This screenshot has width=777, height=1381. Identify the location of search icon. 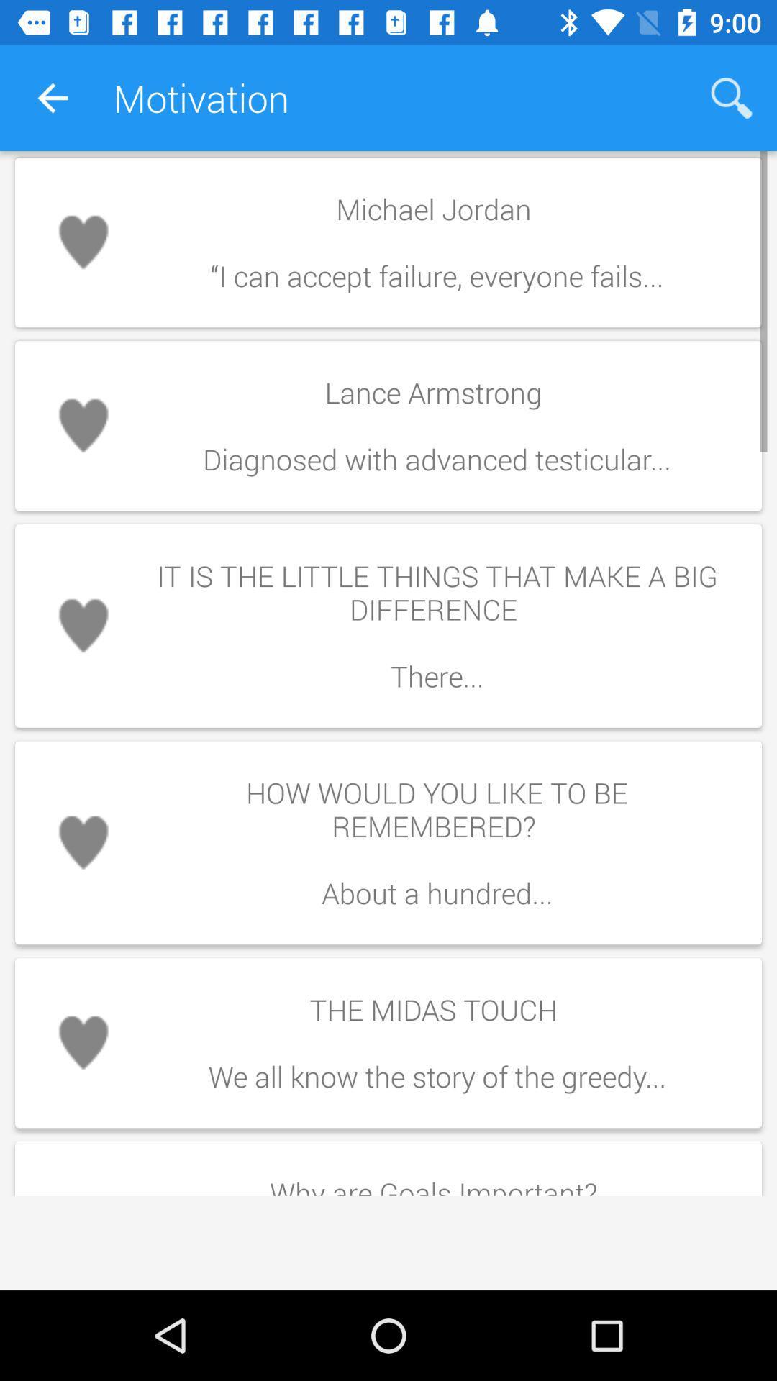
(732, 98).